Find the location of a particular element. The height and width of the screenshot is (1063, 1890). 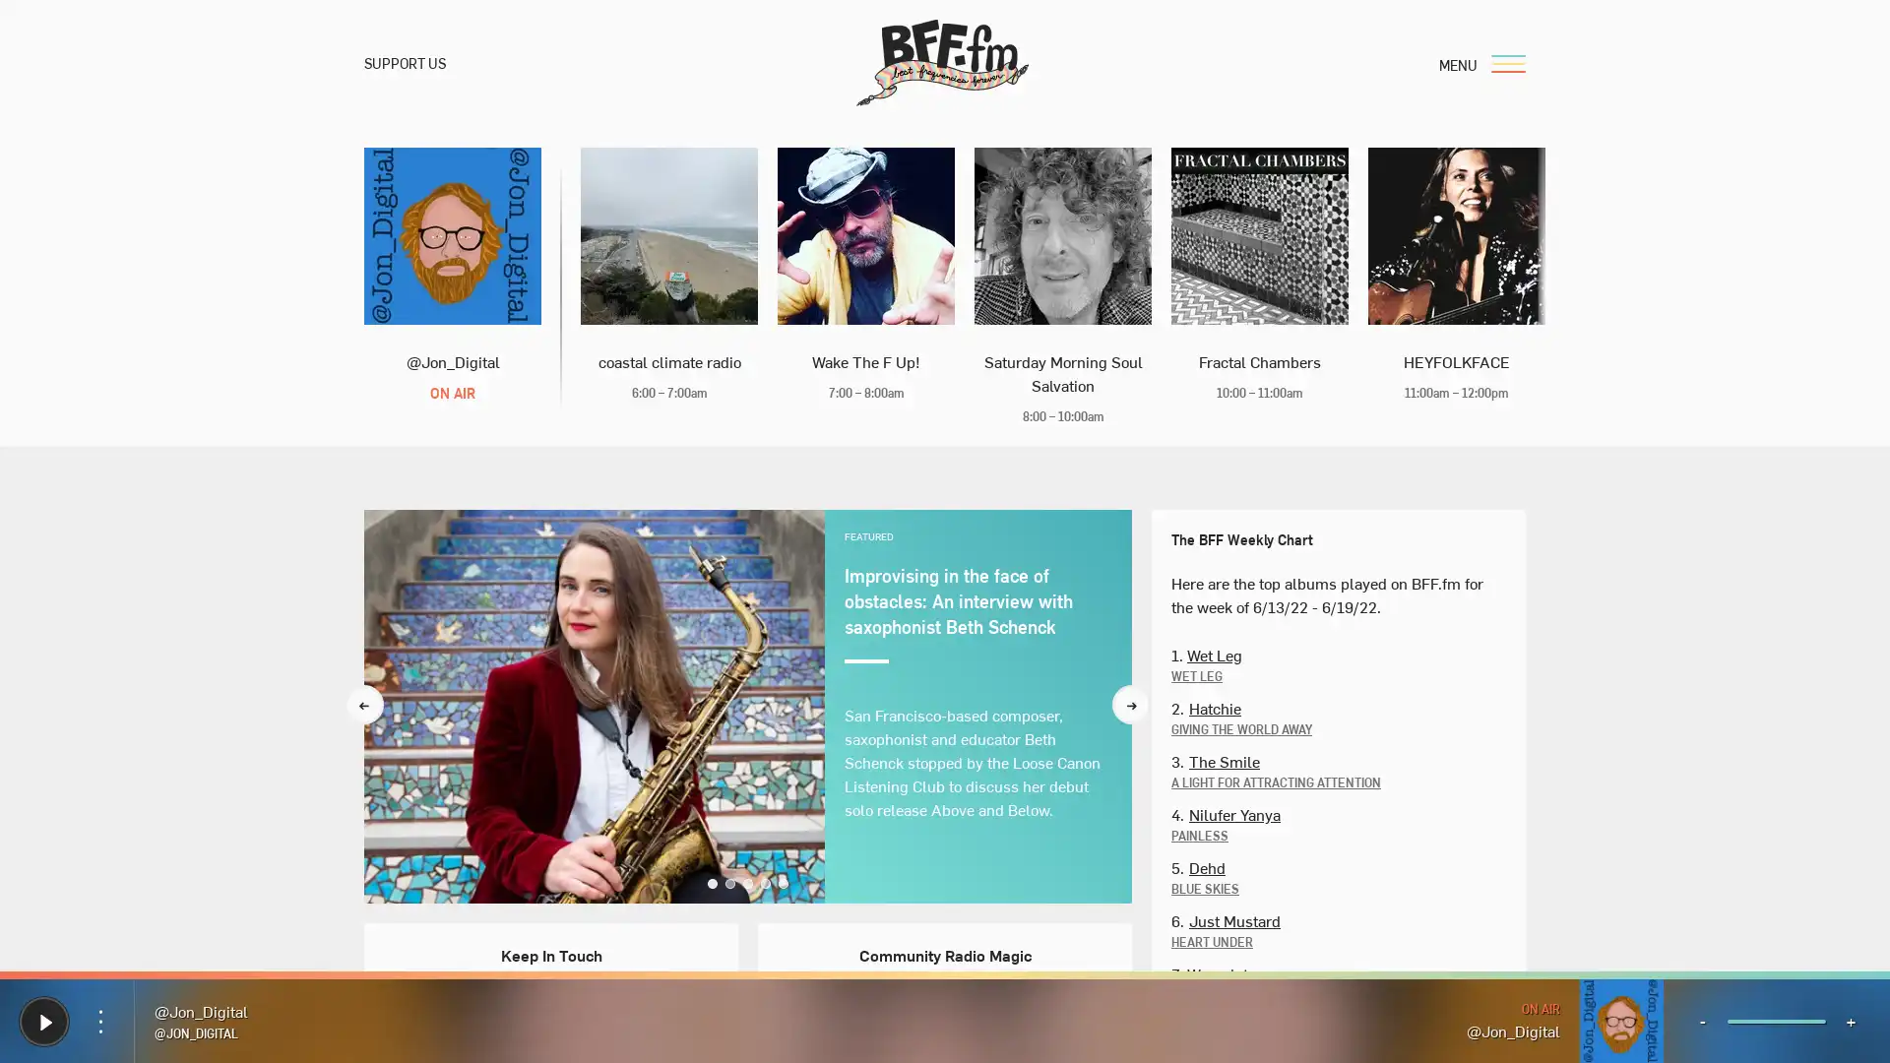

Next is located at coordinates (1132, 704).